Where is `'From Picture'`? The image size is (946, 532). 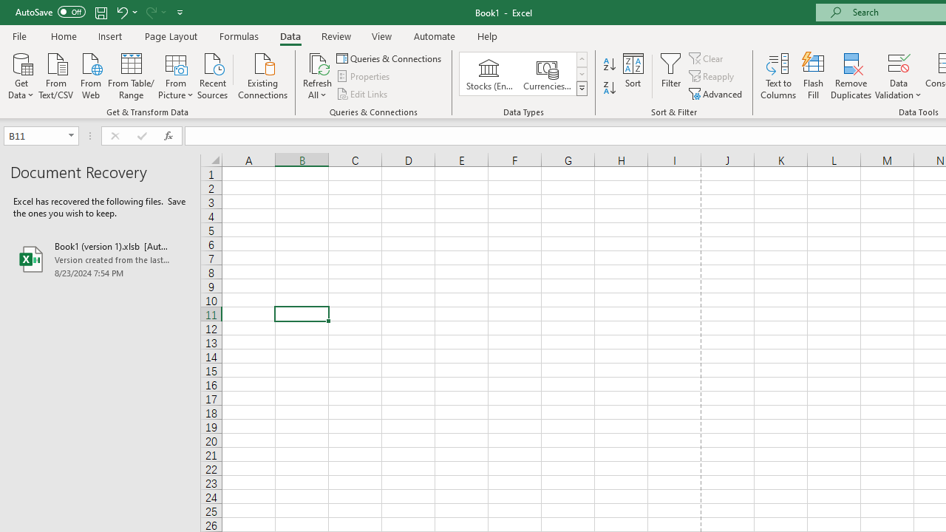
'From Picture' is located at coordinates (176, 75).